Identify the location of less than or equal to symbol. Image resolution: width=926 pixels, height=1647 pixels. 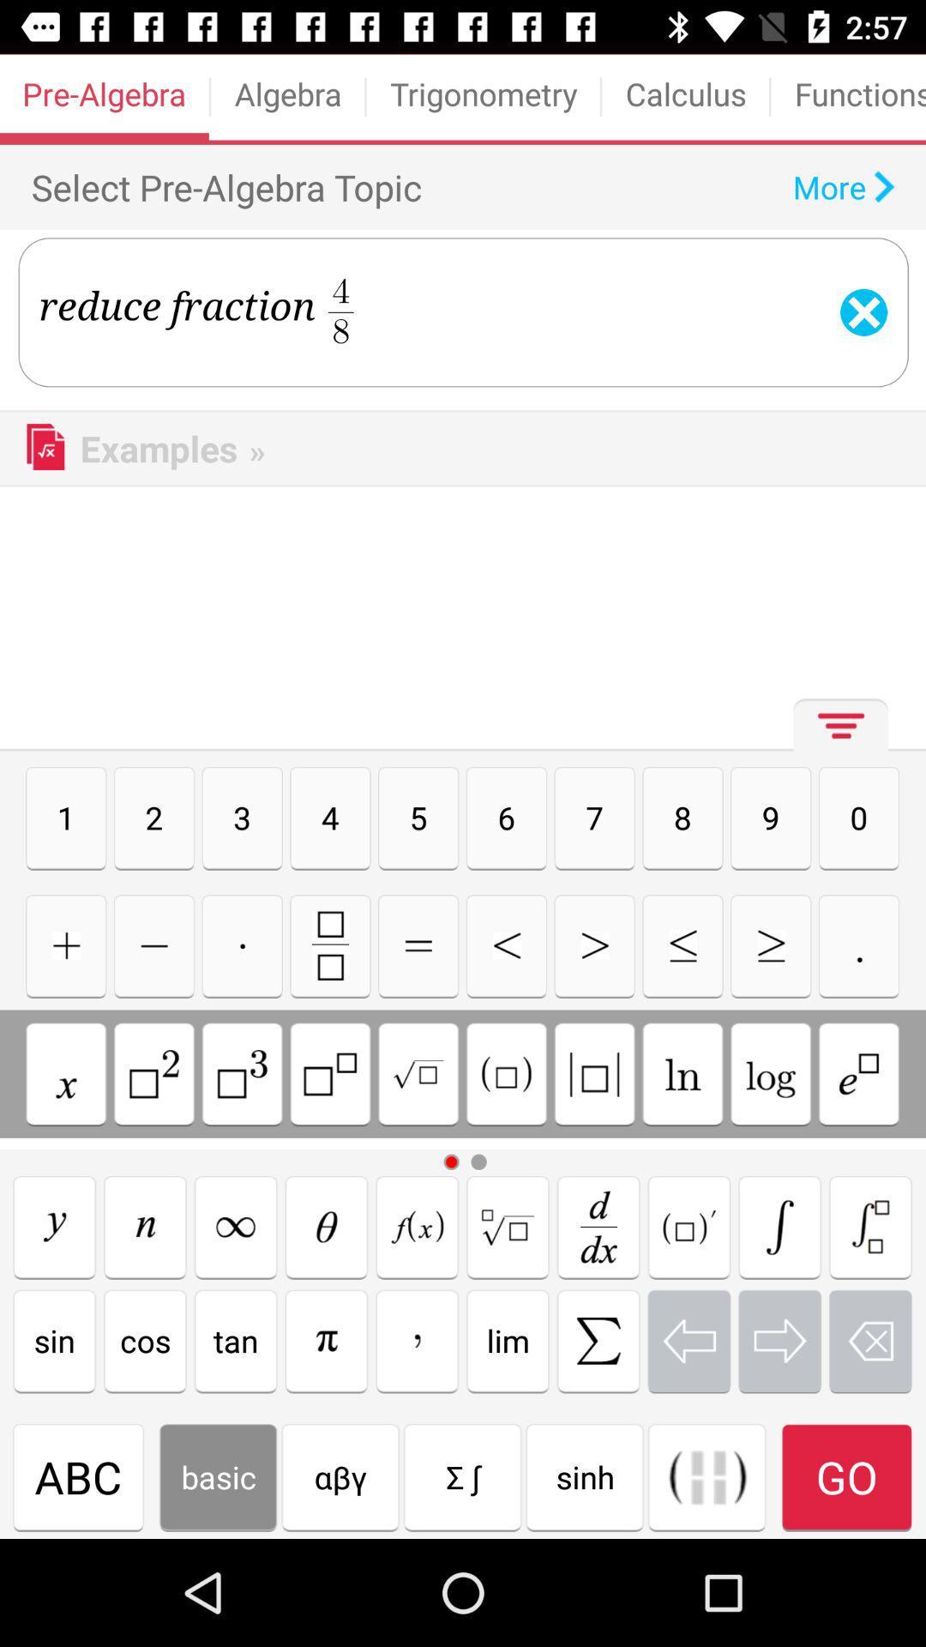
(682, 944).